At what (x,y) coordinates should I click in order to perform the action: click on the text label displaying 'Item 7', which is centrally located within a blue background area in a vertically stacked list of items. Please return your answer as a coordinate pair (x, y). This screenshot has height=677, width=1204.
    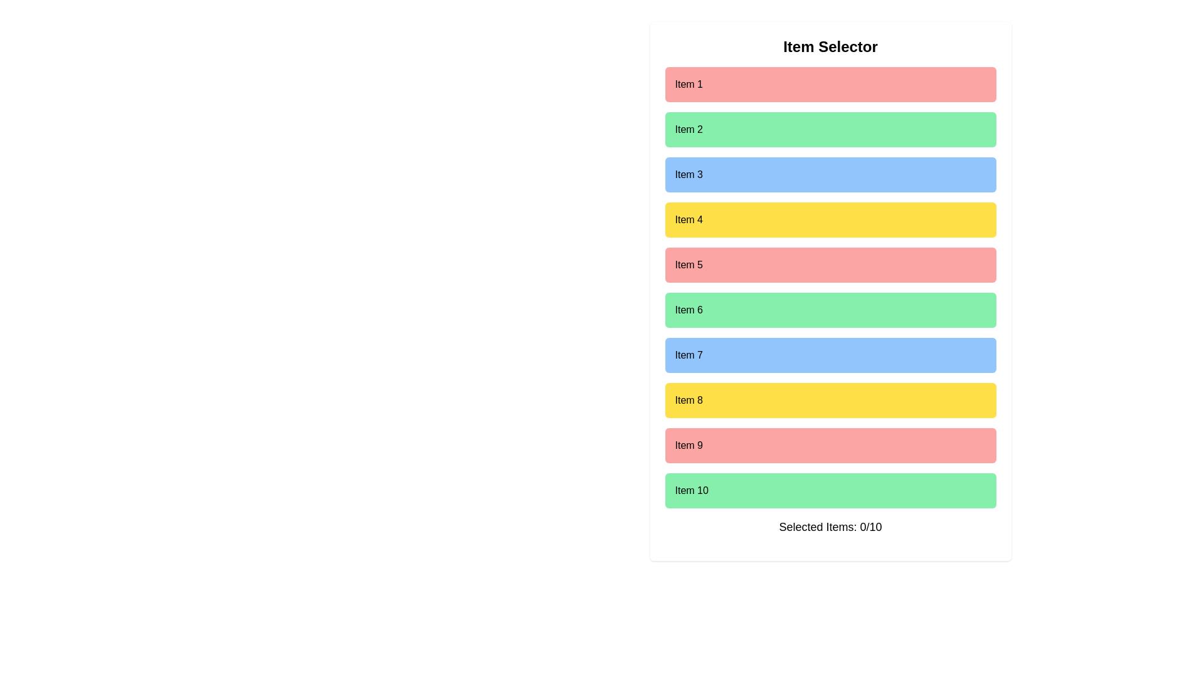
    Looking at the image, I should click on (688, 355).